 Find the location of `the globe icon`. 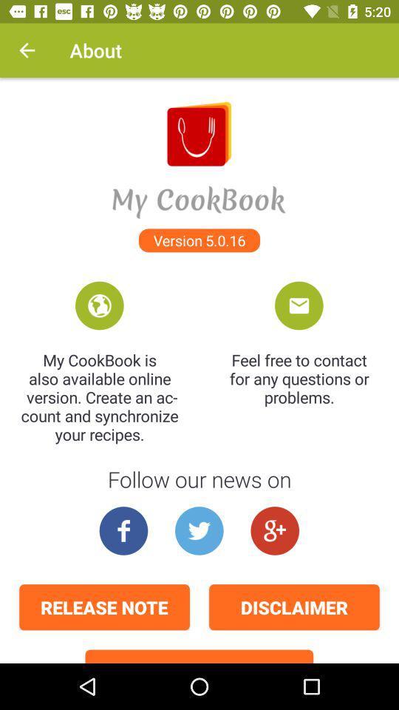

the globe icon is located at coordinates (99, 305).